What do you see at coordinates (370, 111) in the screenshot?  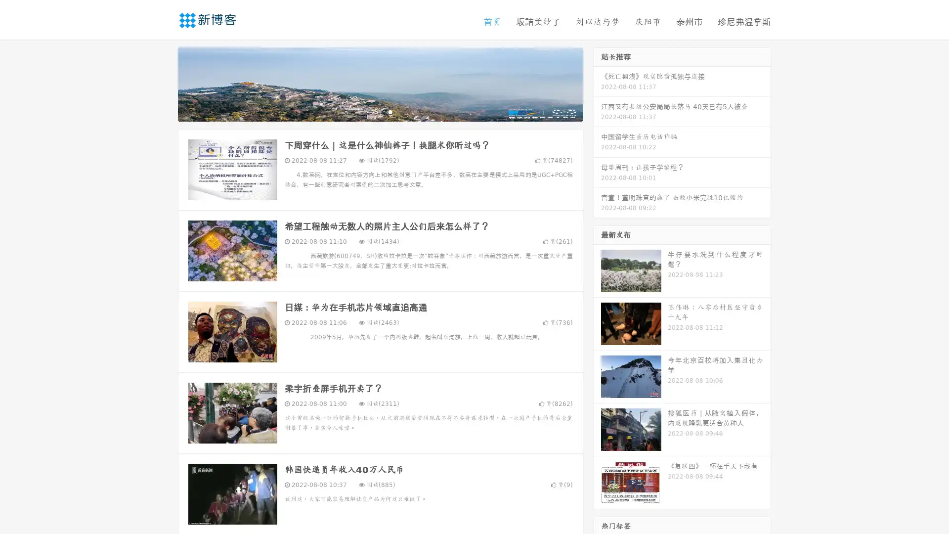 I see `Go to slide 1` at bounding box center [370, 111].